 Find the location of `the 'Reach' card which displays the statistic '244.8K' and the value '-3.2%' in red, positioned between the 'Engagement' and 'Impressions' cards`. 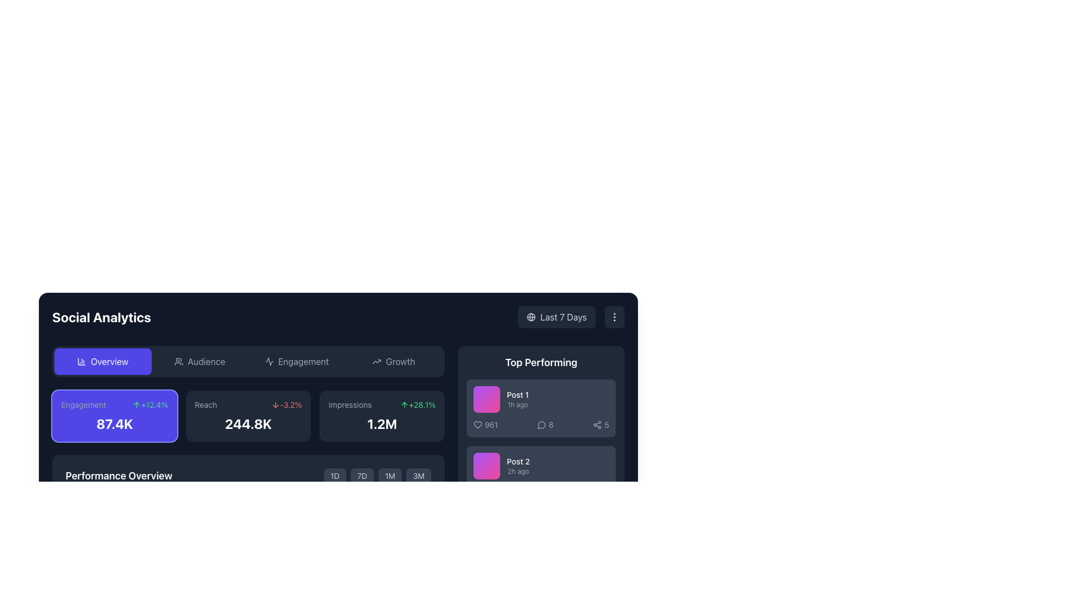

the 'Reach' card which displays the statistic '244.8K' and the value '-3.2%' in red, positioned between the 'Engagement' and 'Impressions' cards is located at coordinates (247, 416).